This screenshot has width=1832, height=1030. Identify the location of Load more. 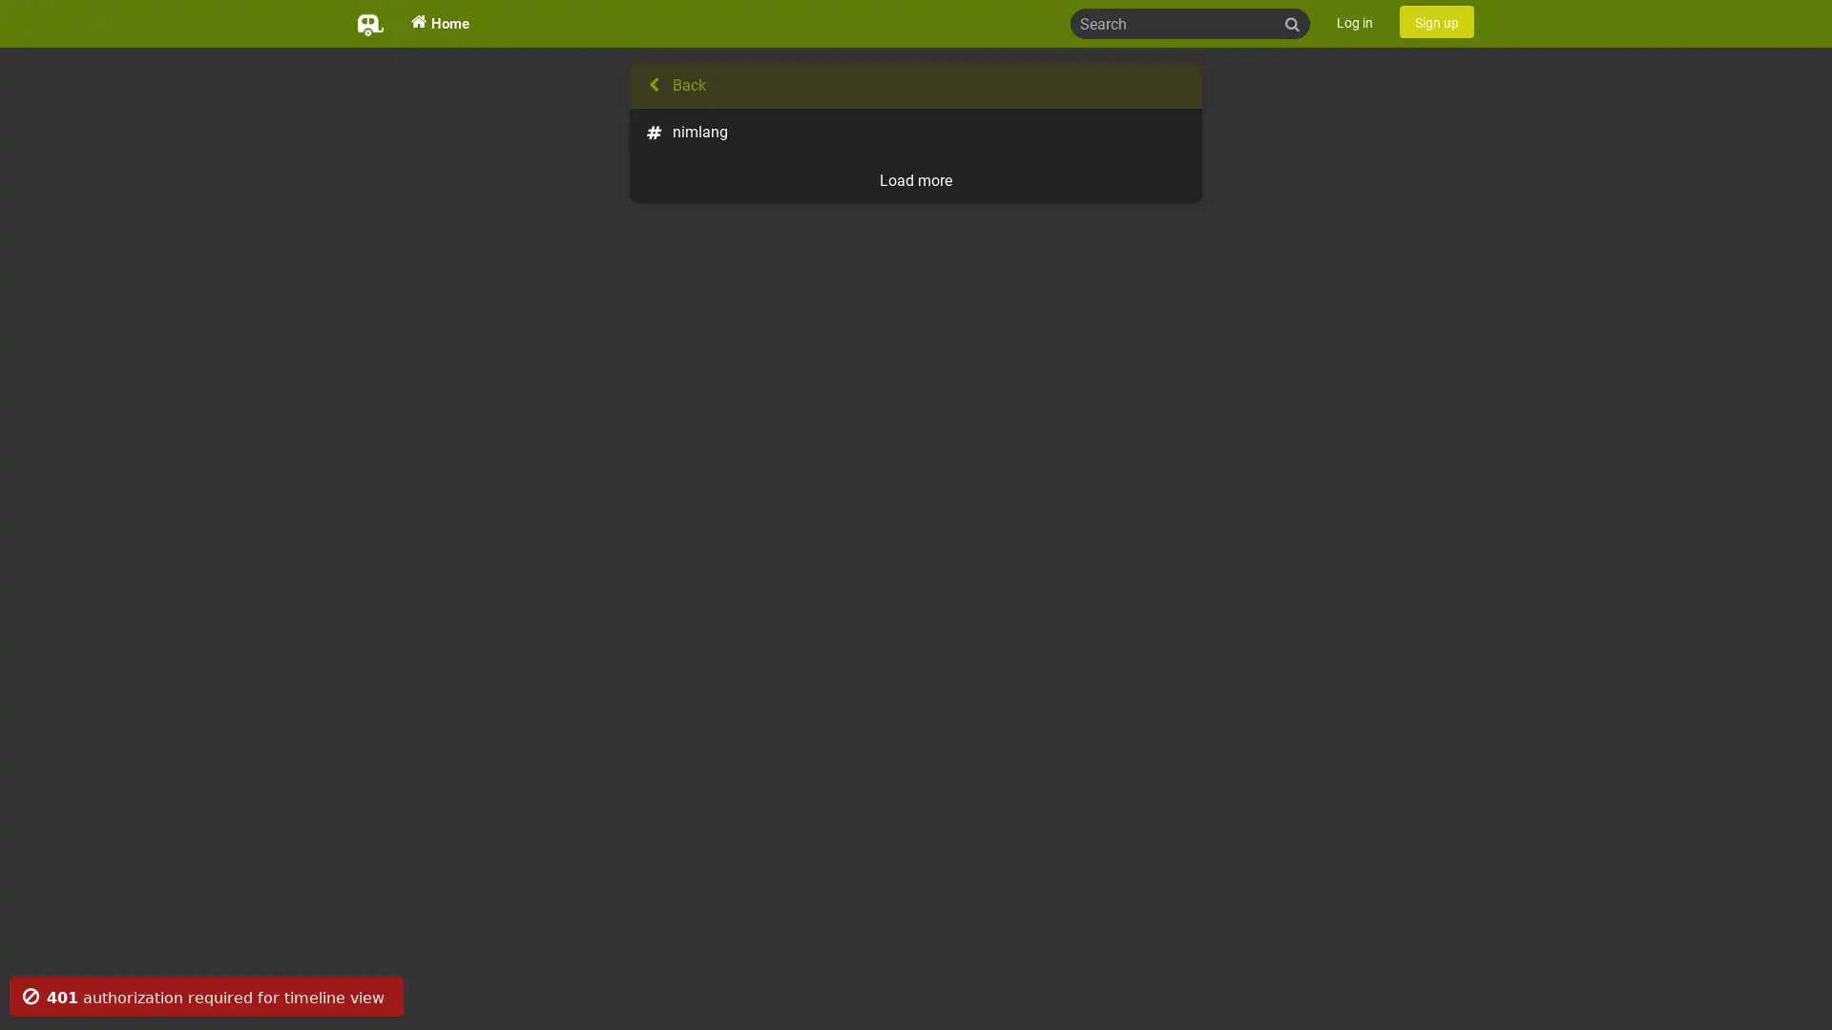
(916, 180).